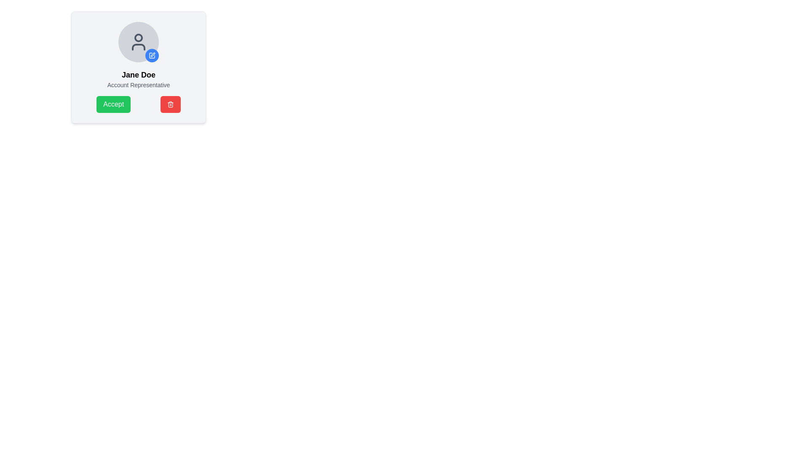 Image resolution: width=809 pixels, height=455 pixels. I want to click on the pencil icon located at the upper right of Jane Doe's user card, which symbolizes an editing feature, so click(153, 55).